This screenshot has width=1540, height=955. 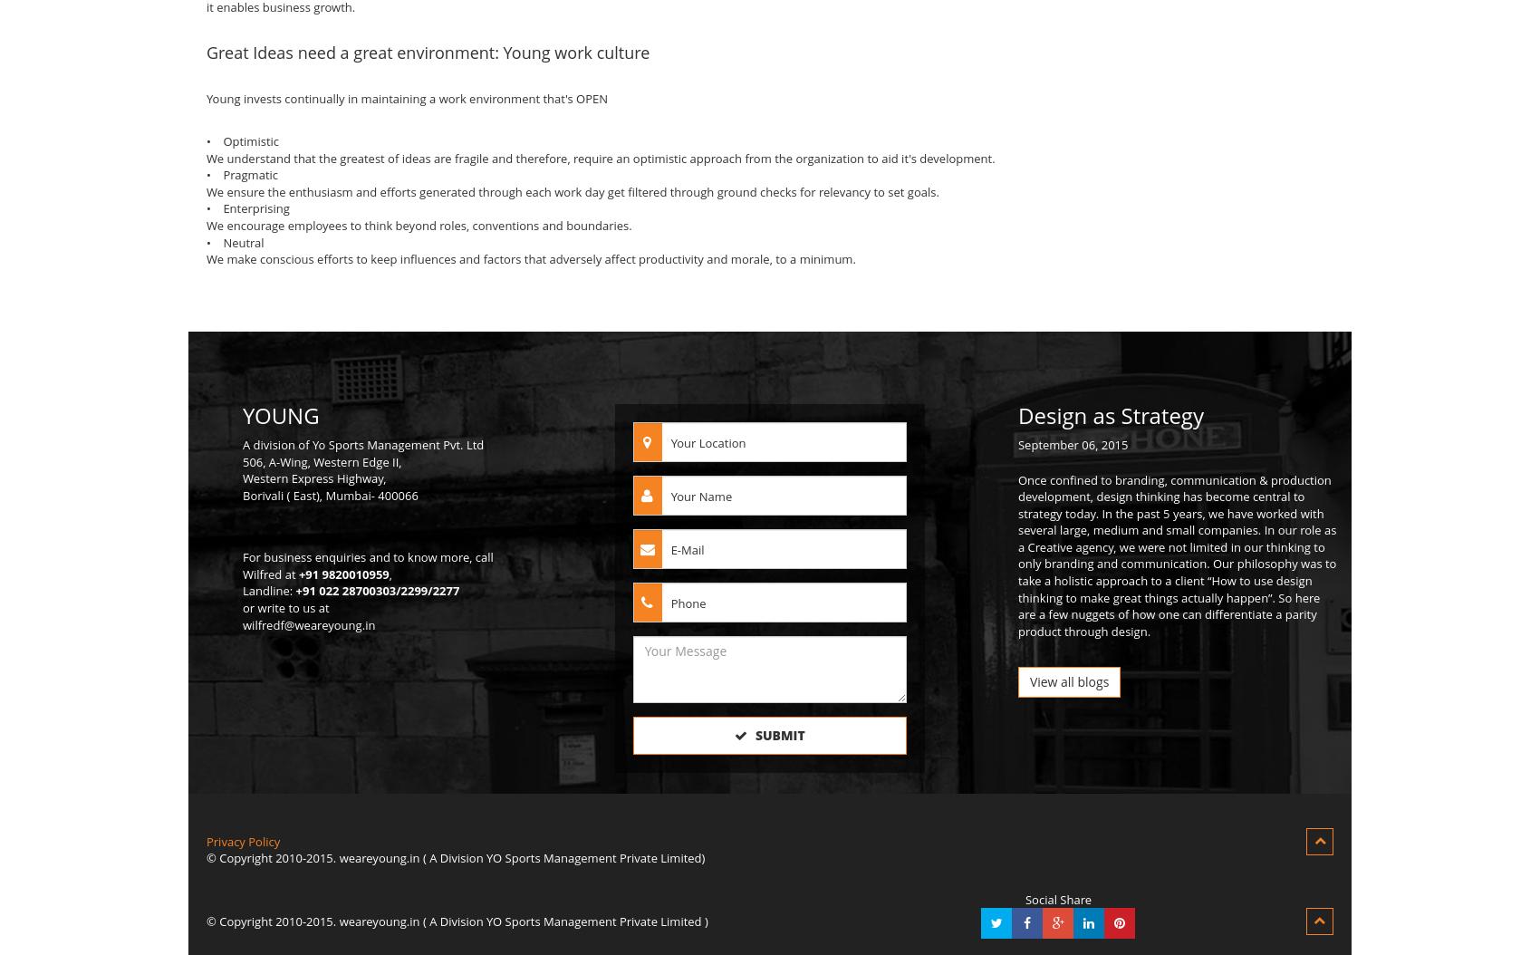 I want to click on 'We ensure the enthusiasm and efforts generated through each work day get filtered through ground checks for relevancy to set goals.', so click(x=571, y=191).